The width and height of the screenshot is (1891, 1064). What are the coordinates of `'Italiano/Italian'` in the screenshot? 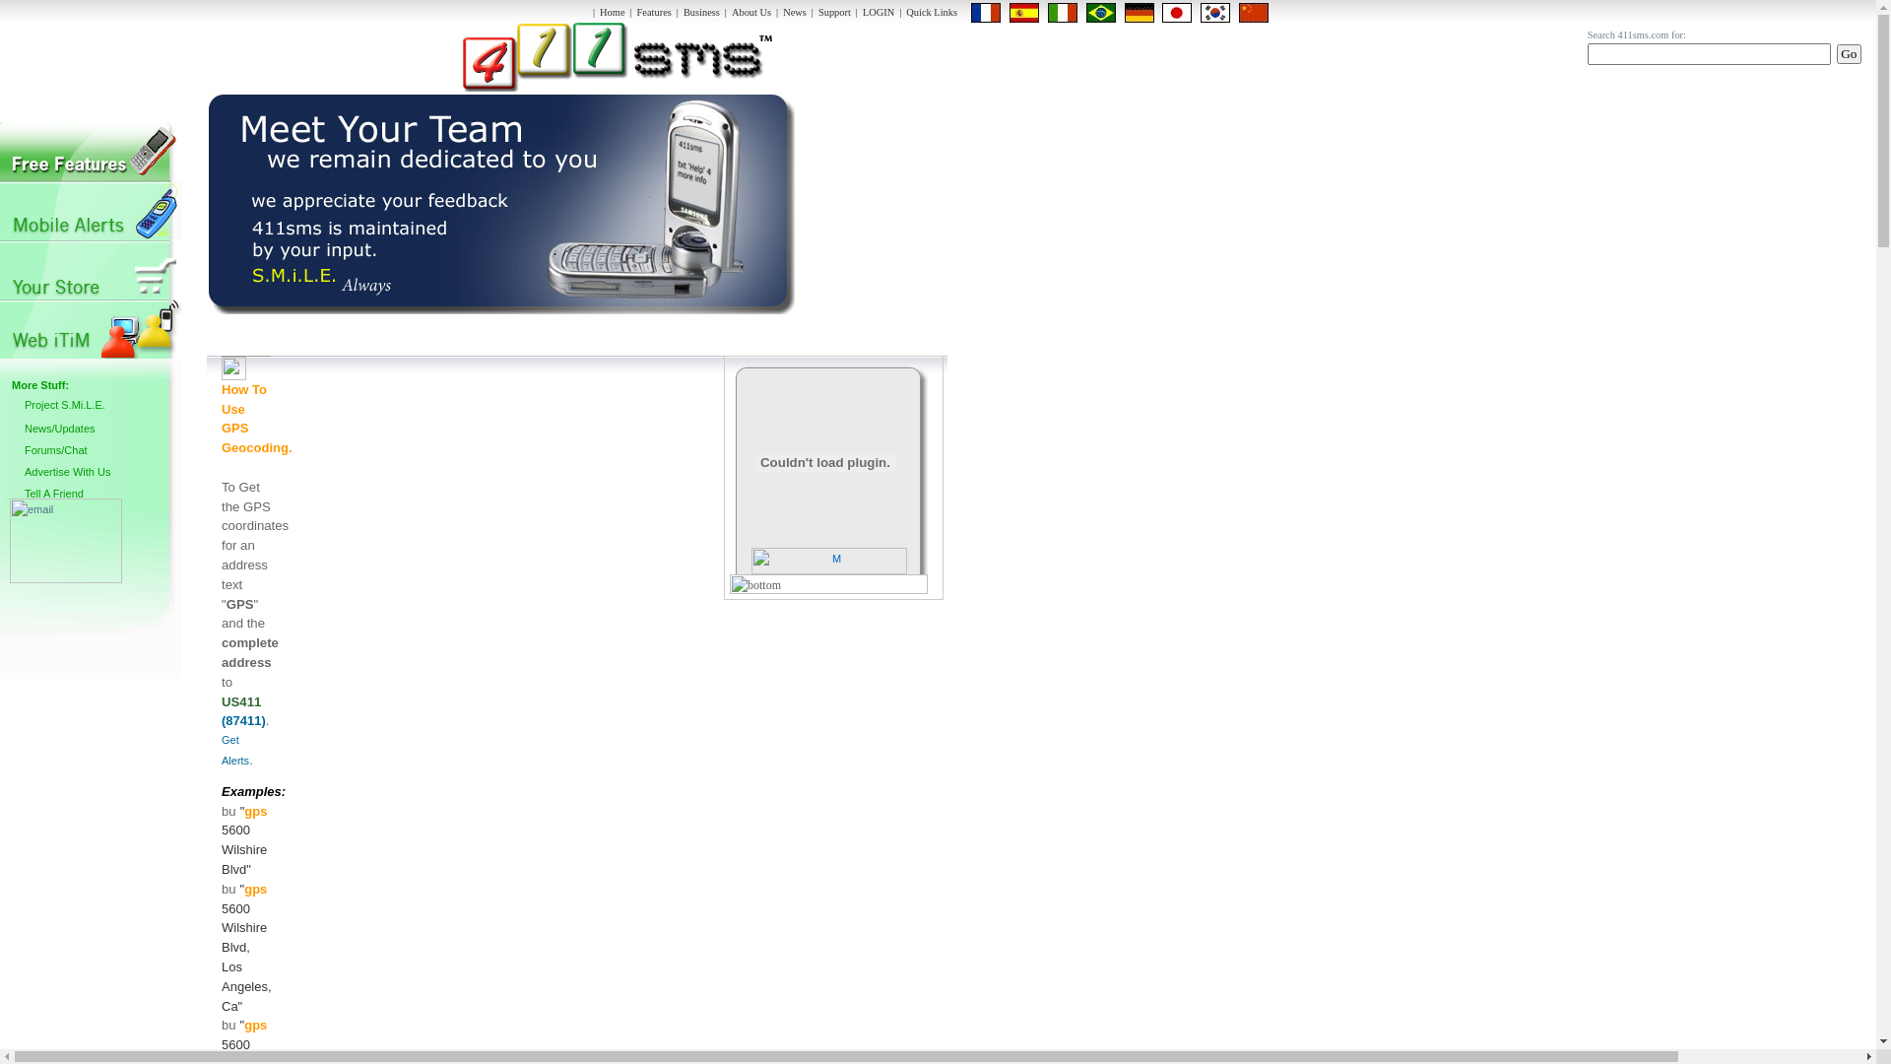 It's located at (1047, 12).